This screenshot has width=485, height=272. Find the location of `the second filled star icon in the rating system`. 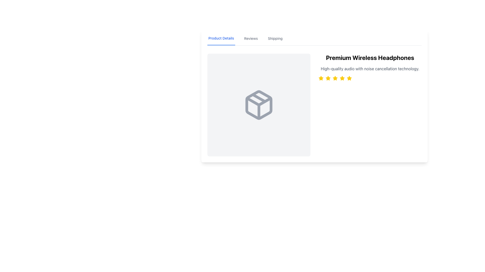

the second filled star icon in the rating system is located at coordinates (328, 78).